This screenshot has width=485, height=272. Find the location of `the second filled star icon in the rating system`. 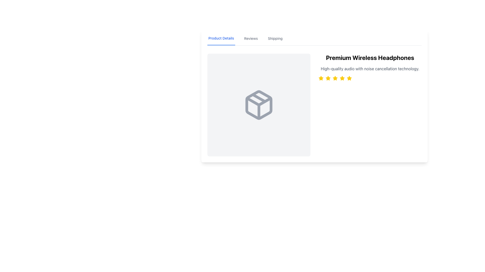

the second filled star icon in the rating system is located at coordinates (328, 78).